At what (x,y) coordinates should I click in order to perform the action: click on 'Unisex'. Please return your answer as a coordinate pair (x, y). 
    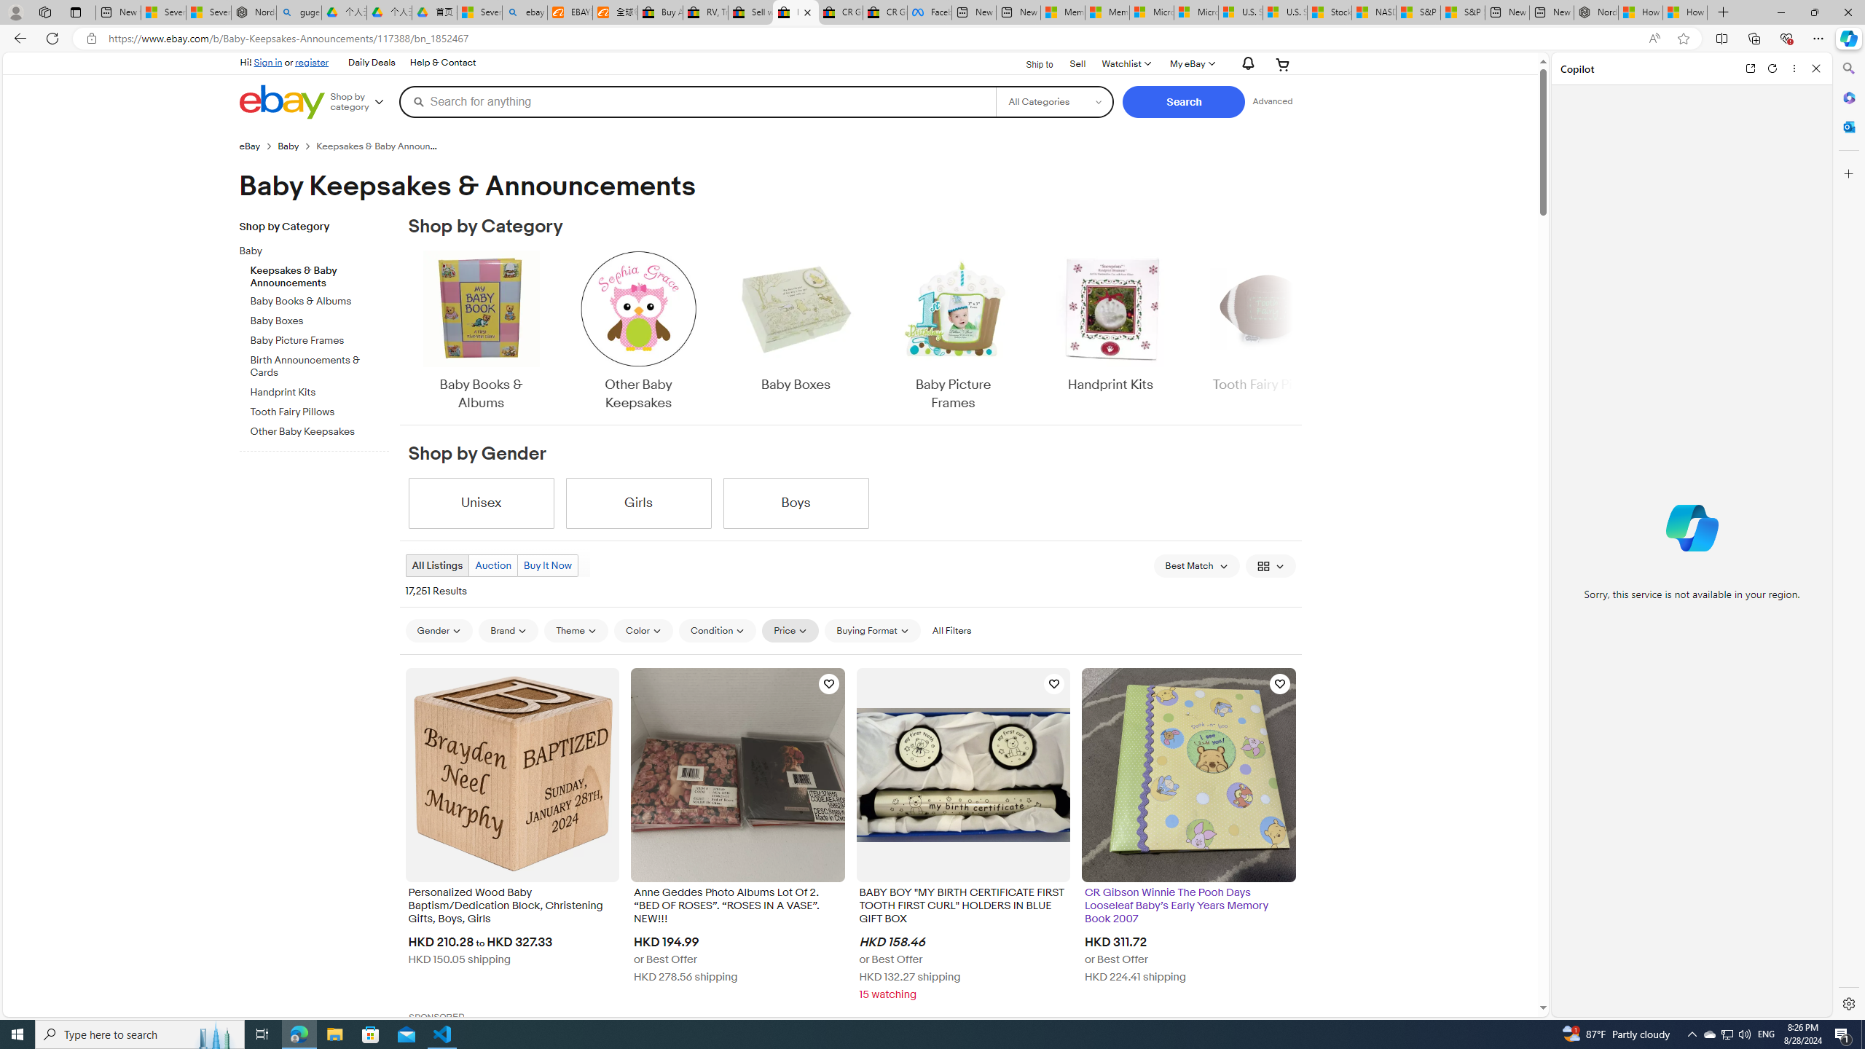
    Looking at the image, I should click on (481, 503).